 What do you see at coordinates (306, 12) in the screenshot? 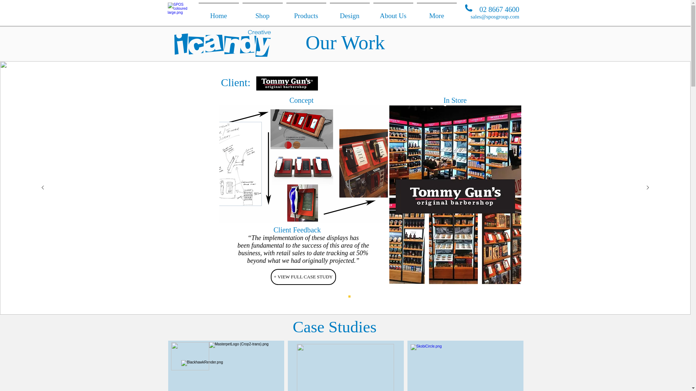
I see `'Products'` at bounding box center [306, 12].